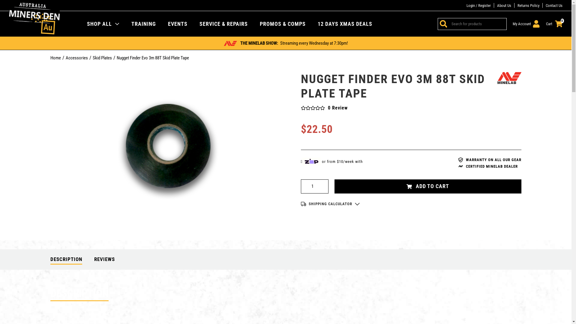  Describe the element at coordinates (55, 58) in the screenshot. I see `'Home'` at that location.